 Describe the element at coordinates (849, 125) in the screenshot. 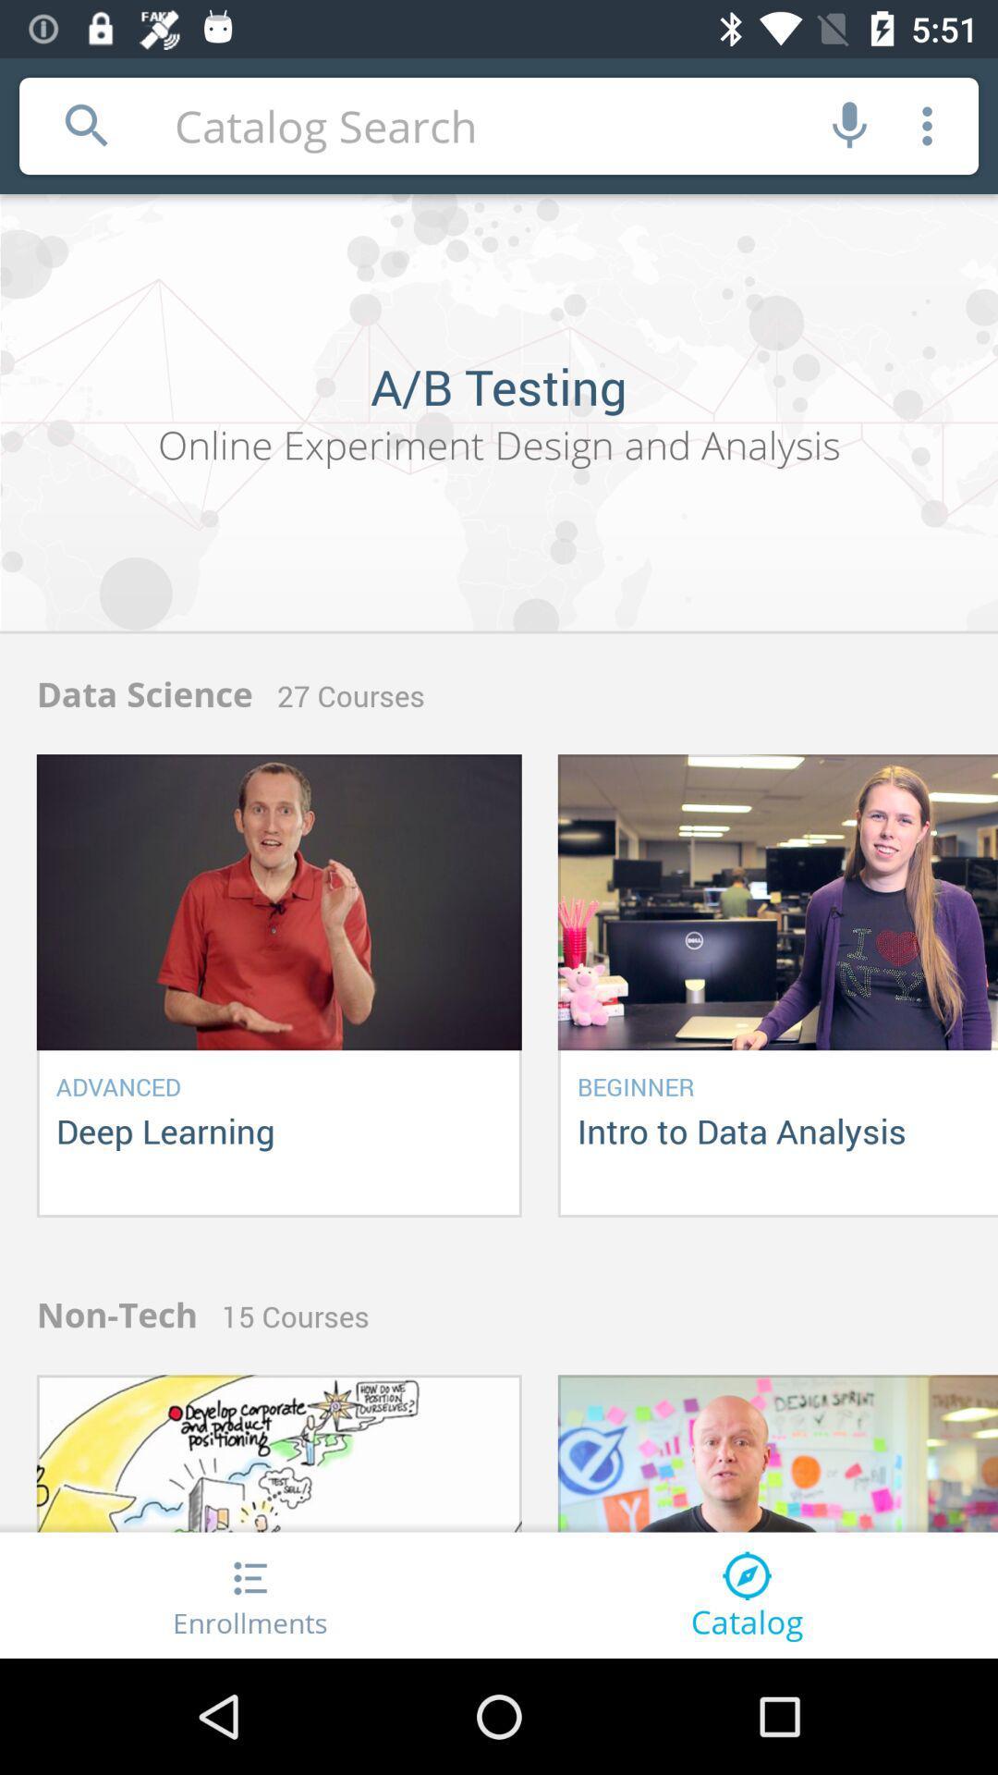

I see `speech to text` at that location.